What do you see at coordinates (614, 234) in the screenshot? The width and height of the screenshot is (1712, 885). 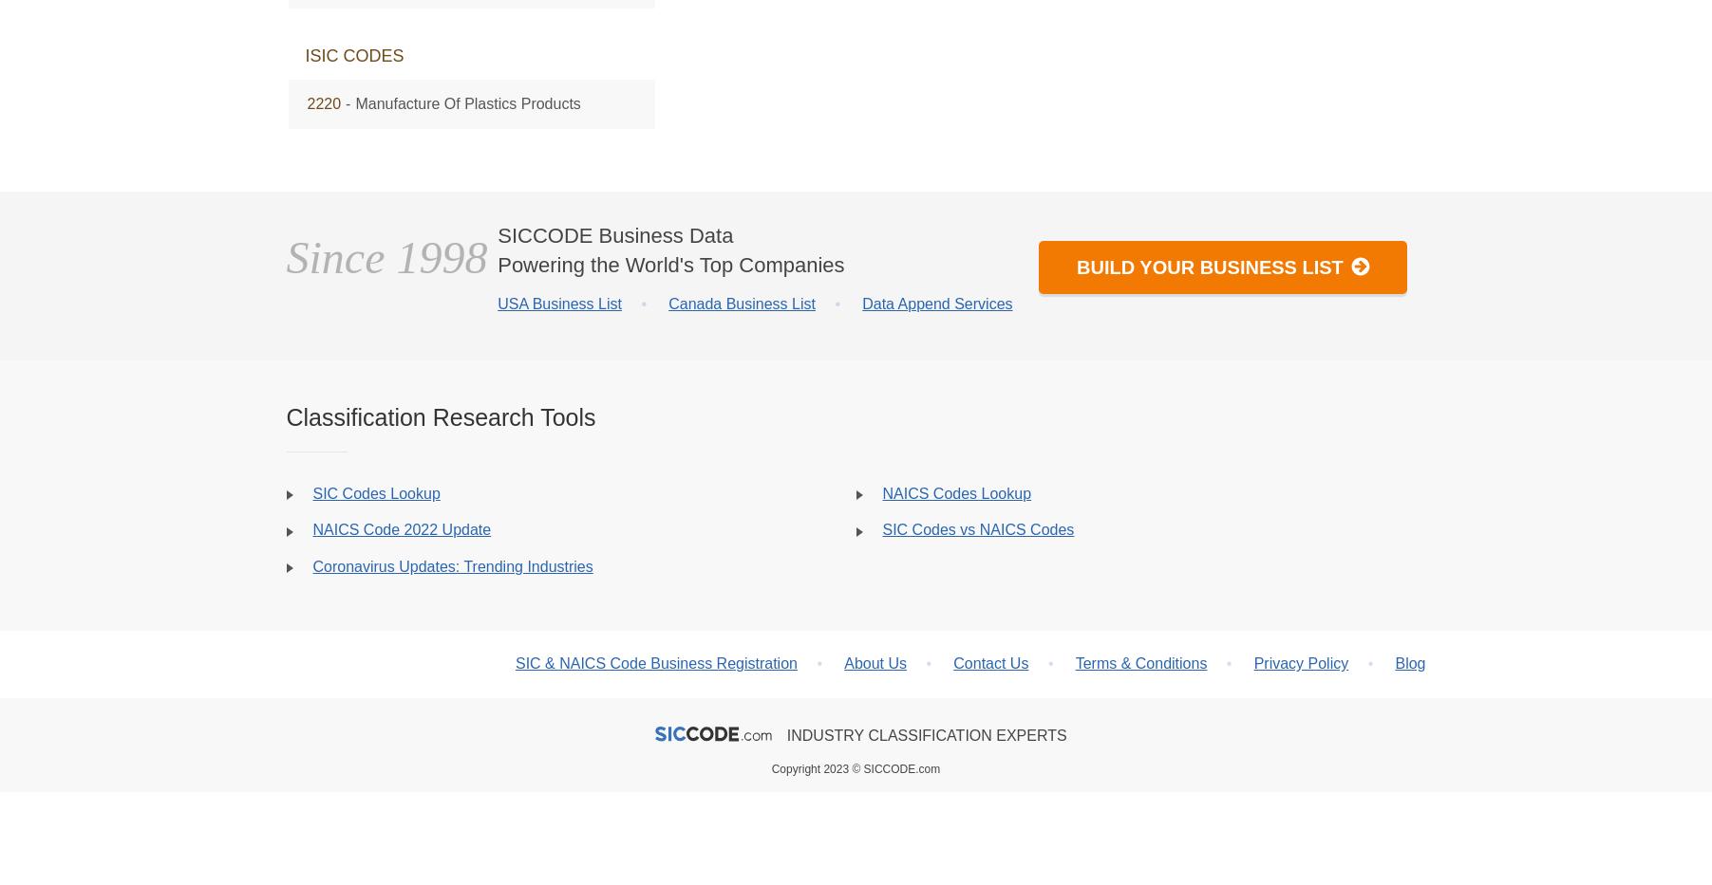 I see `'SICCODE Business Data'` at bounding box center [614, 234].